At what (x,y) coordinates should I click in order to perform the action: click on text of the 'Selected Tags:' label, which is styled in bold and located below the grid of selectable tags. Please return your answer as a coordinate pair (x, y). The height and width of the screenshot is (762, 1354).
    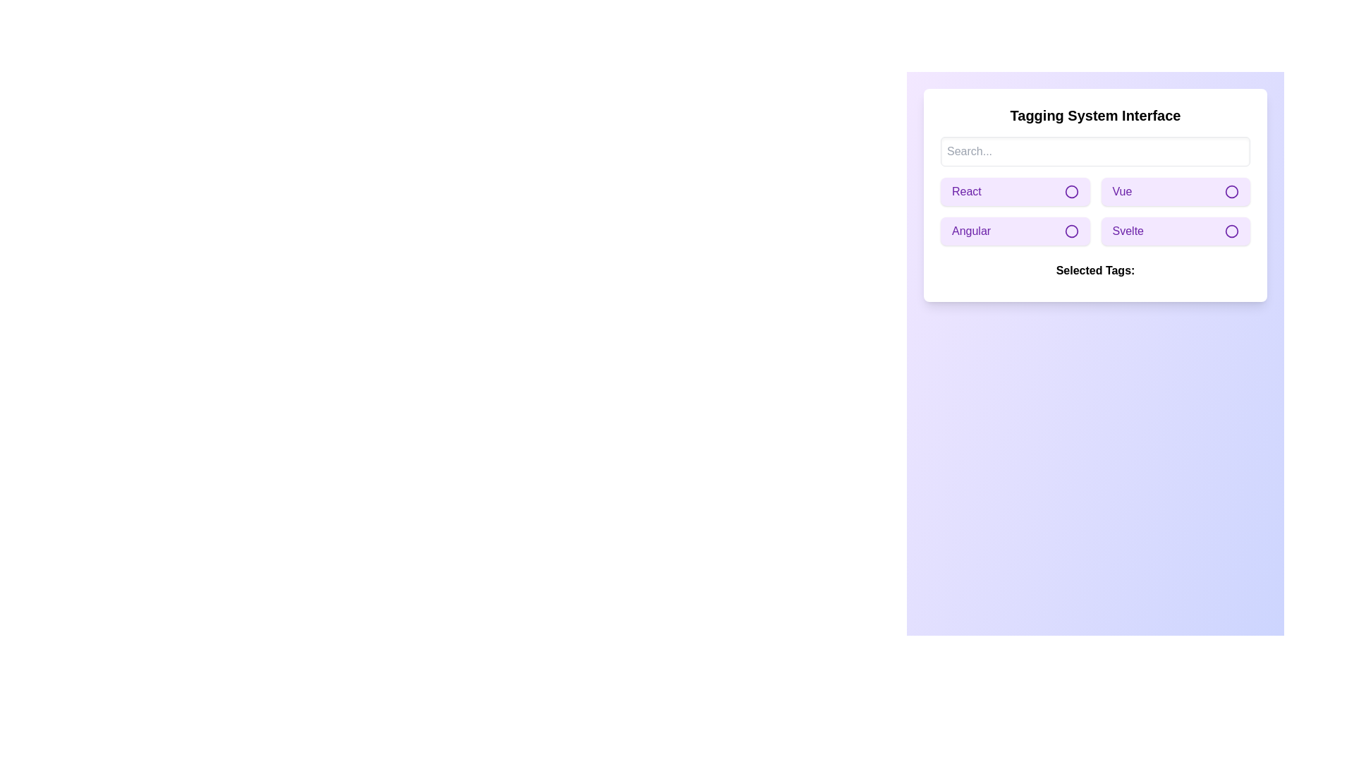
    Looking at the image, I should click on (1094, 271).